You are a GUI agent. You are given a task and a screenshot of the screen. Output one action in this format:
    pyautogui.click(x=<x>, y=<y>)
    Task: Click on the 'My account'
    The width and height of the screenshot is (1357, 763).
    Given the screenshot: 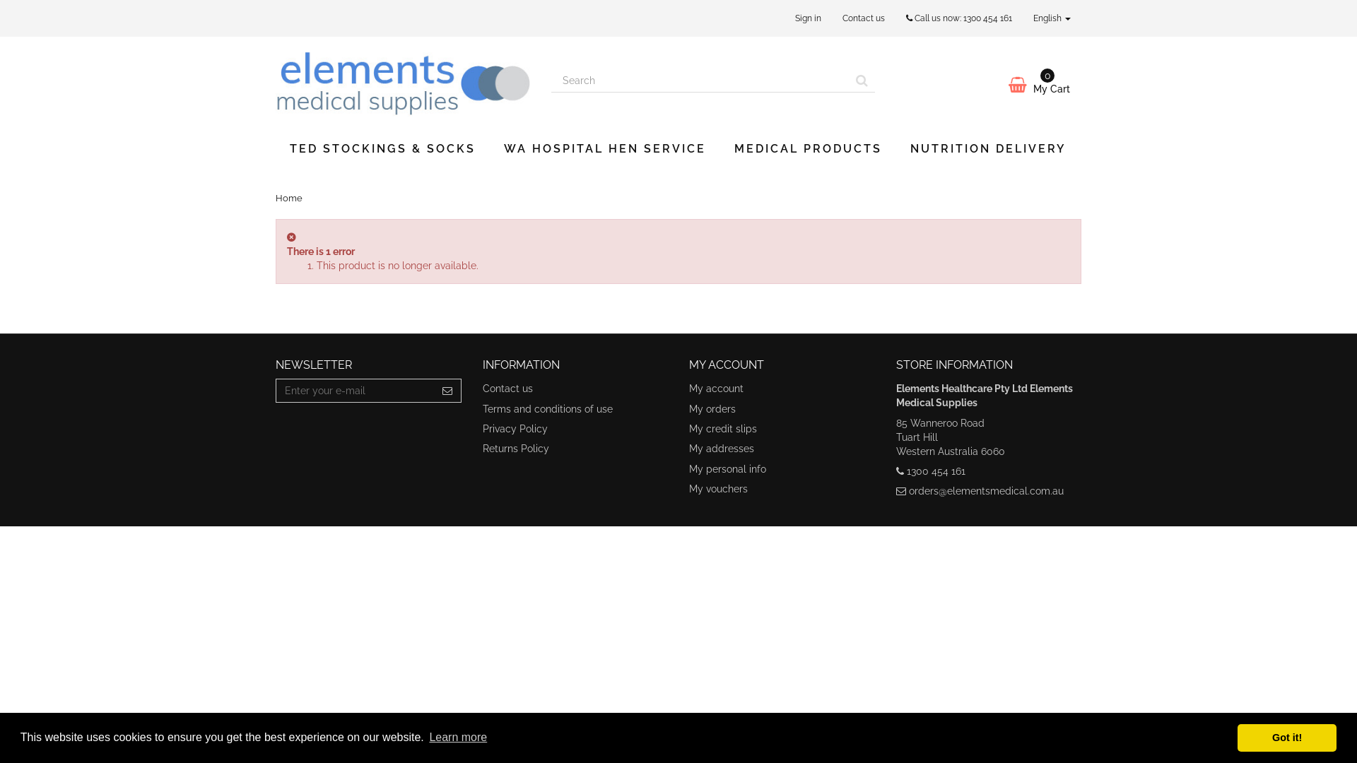 What is the action you would take?
    pyautogui.click(x=688, y=389)
    